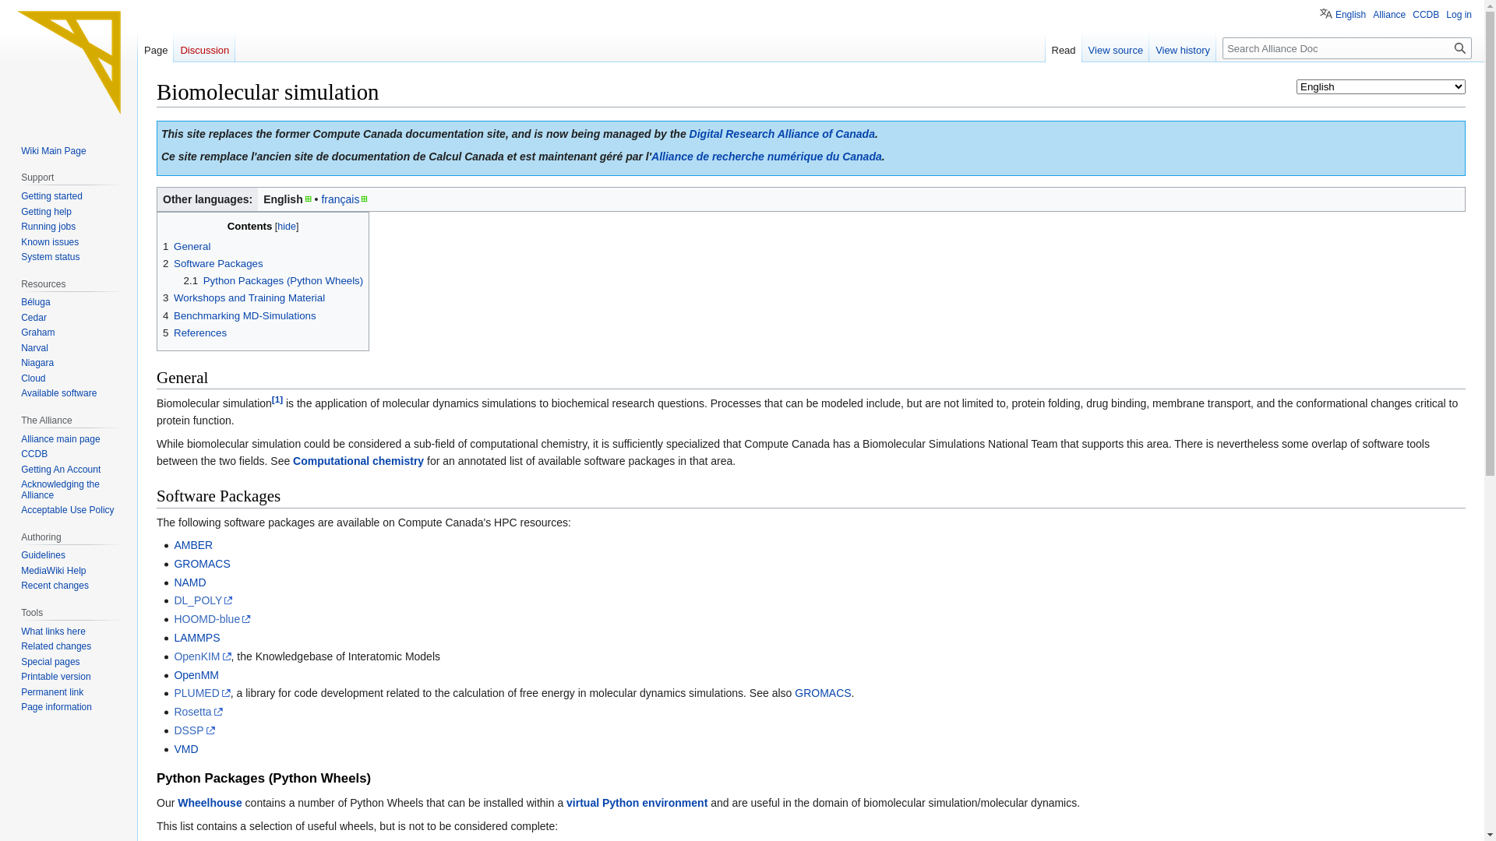 This screenshot has width=1496, height=841. Describe the element at coordinates (201, 564) in the screenshot. I see `'GROMACS'` at that location.